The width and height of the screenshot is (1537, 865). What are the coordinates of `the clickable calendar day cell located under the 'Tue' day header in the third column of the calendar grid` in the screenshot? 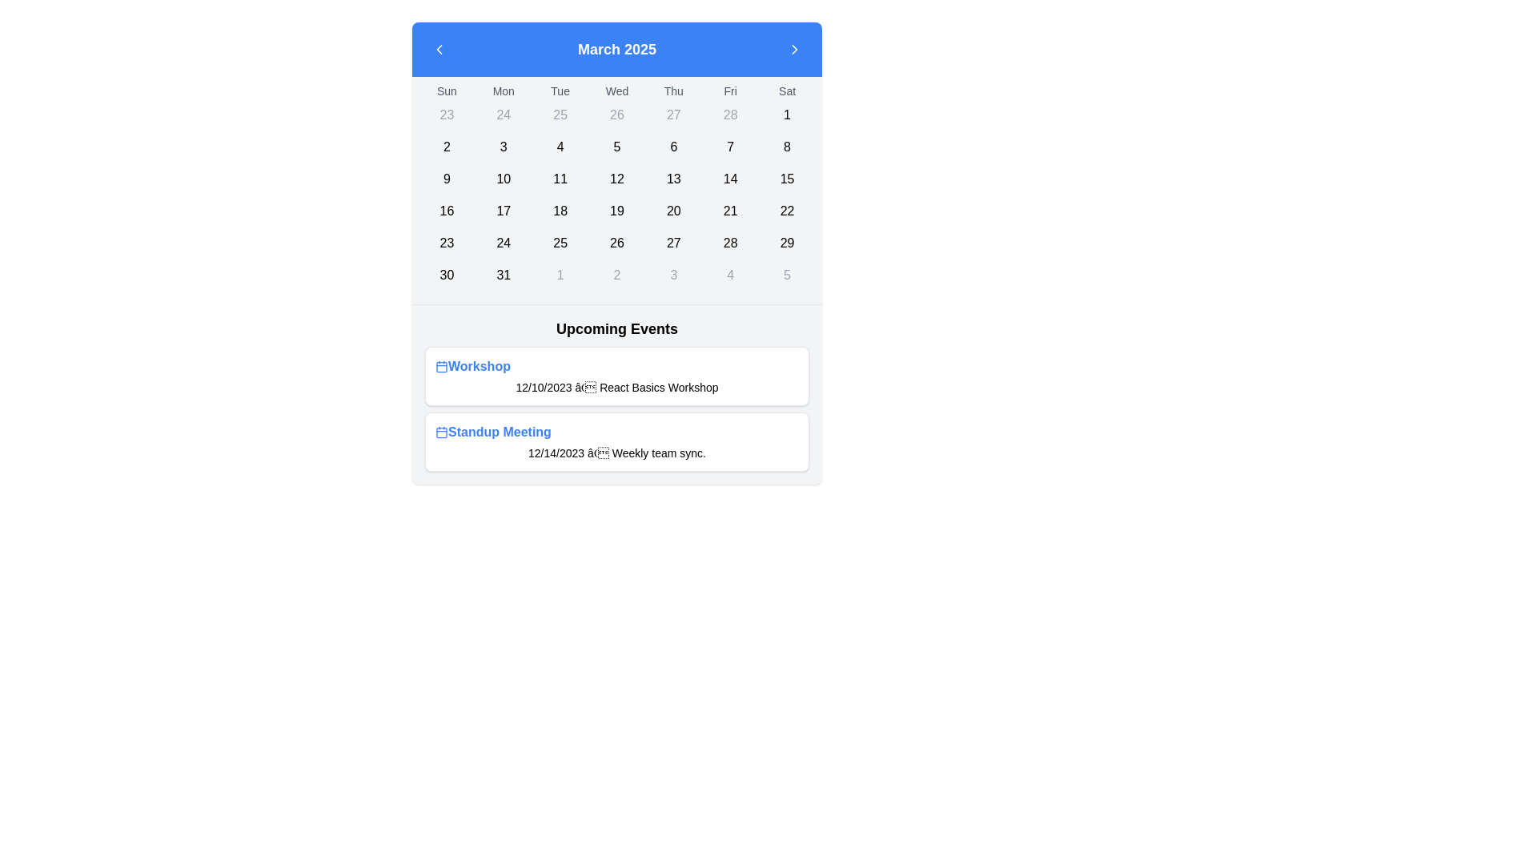 It's located at (560, 114).